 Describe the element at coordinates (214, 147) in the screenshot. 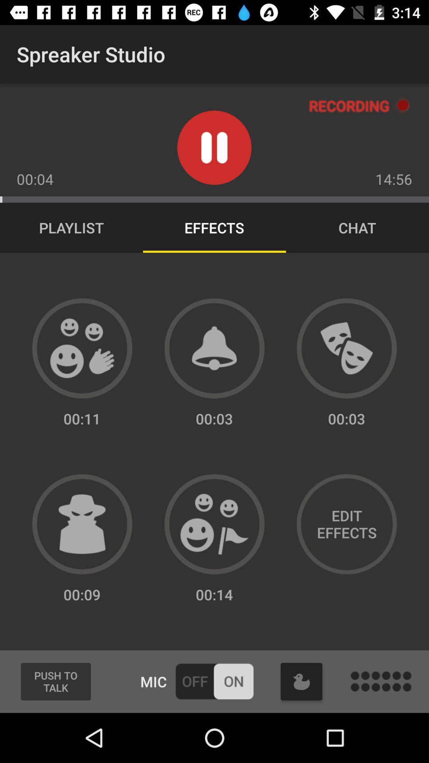

I see `pause` at that location.